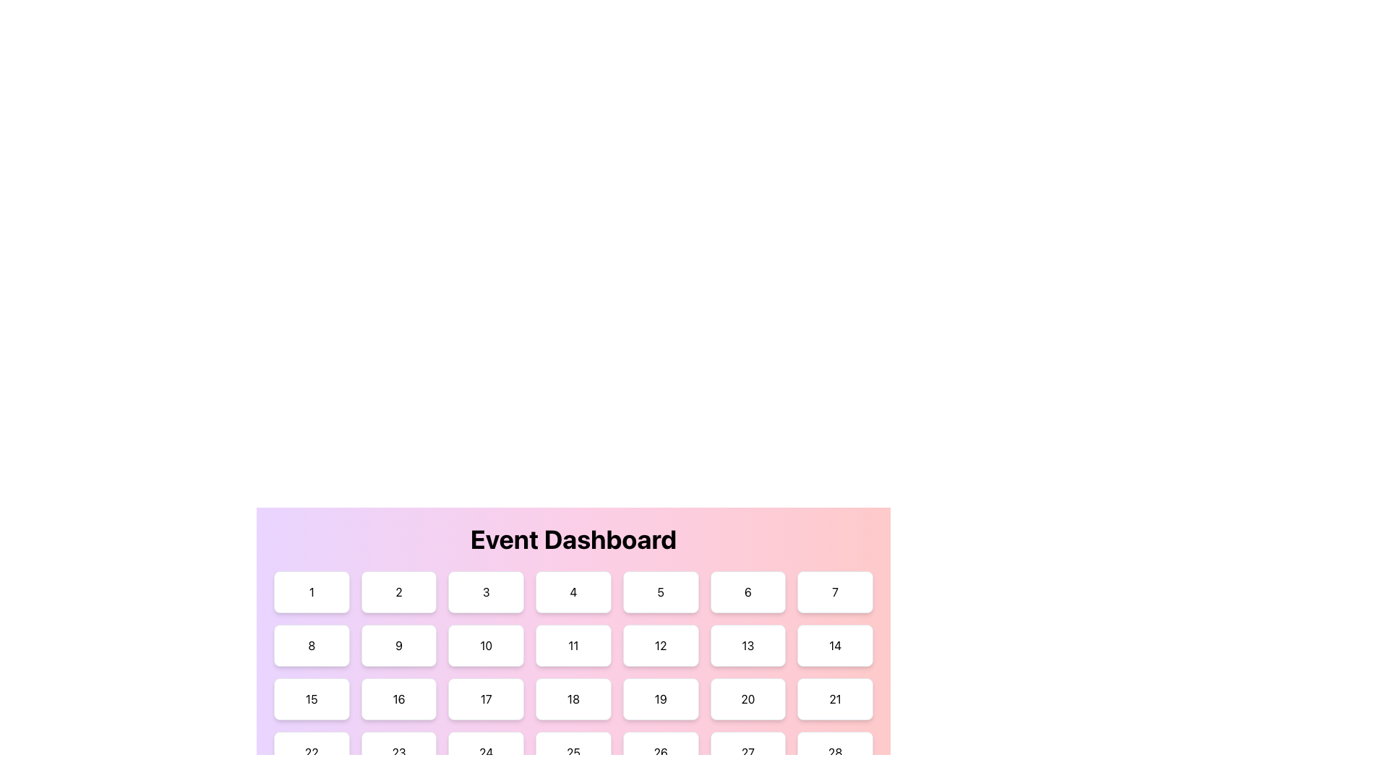  What do you see at coordinates (311, 645) in the screenshot?
I see `the button representing the number 8, which is located in the second row, first column of a grid layout` at bounding box center [311, 645].